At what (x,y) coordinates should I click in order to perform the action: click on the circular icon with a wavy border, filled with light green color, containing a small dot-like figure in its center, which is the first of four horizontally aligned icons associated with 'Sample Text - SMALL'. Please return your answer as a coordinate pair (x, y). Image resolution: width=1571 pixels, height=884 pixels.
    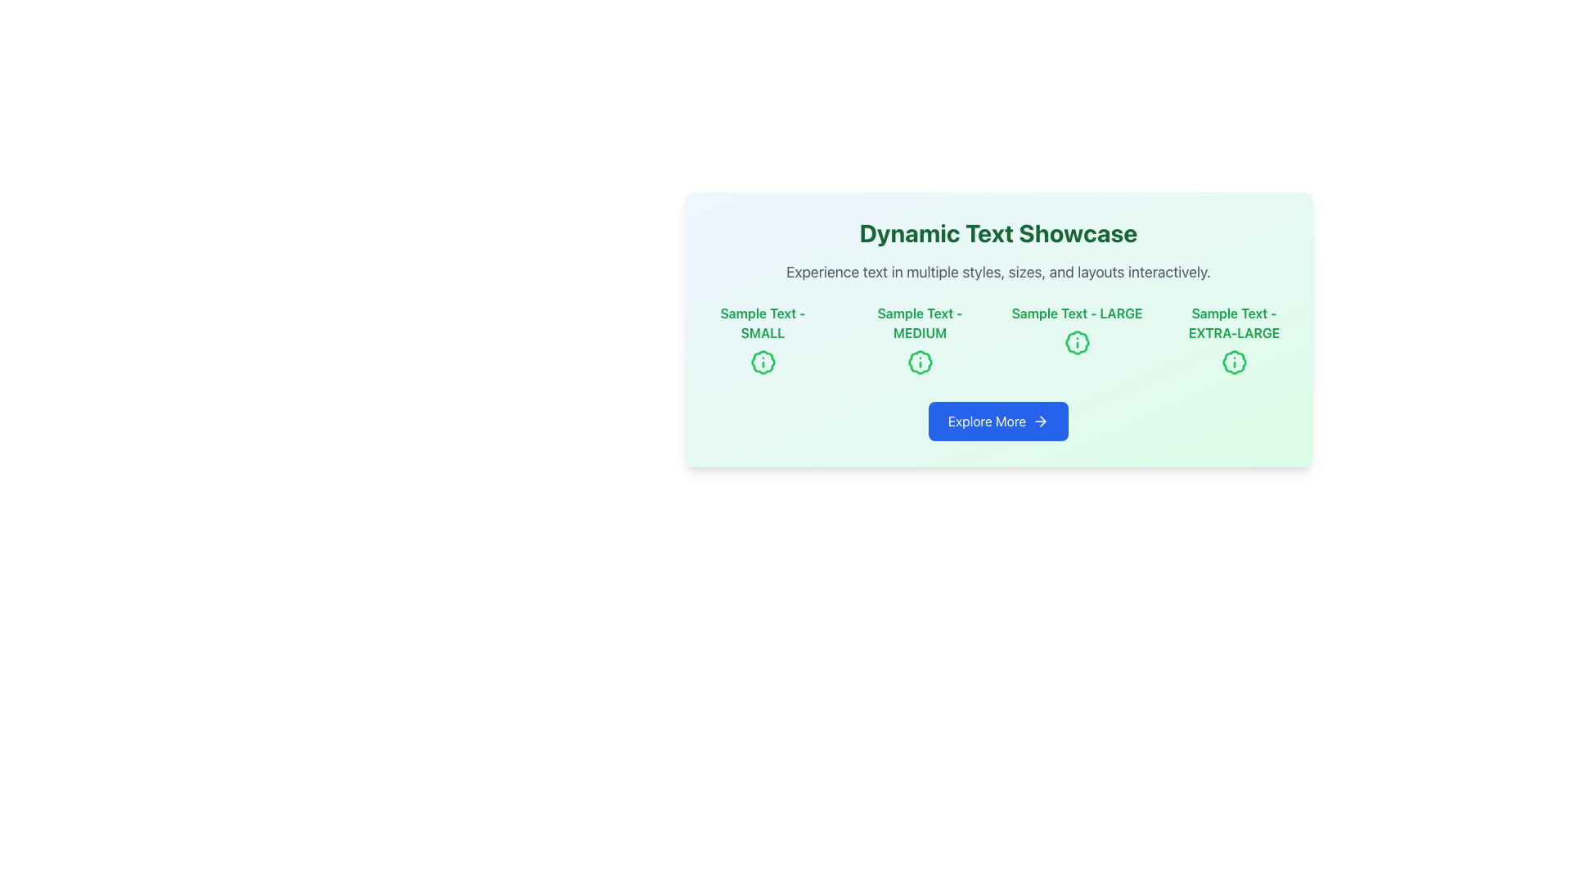
    Looking at the image, I should click on (762, 362).